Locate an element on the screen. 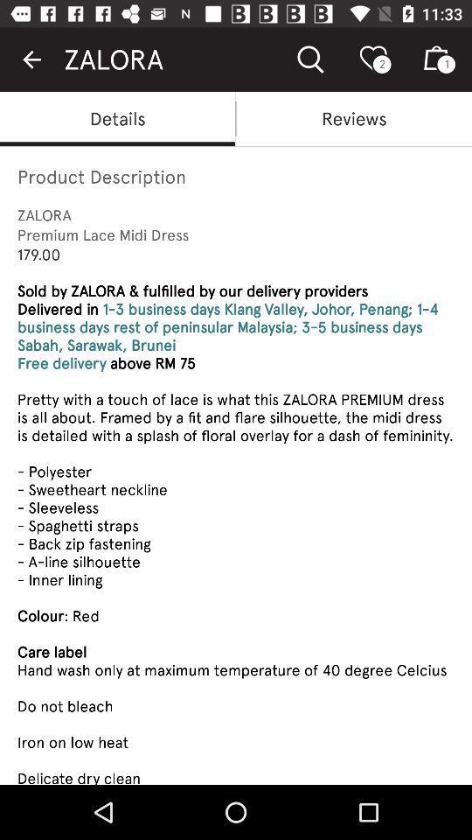  item below zalora is located at coordinates (354, 117).